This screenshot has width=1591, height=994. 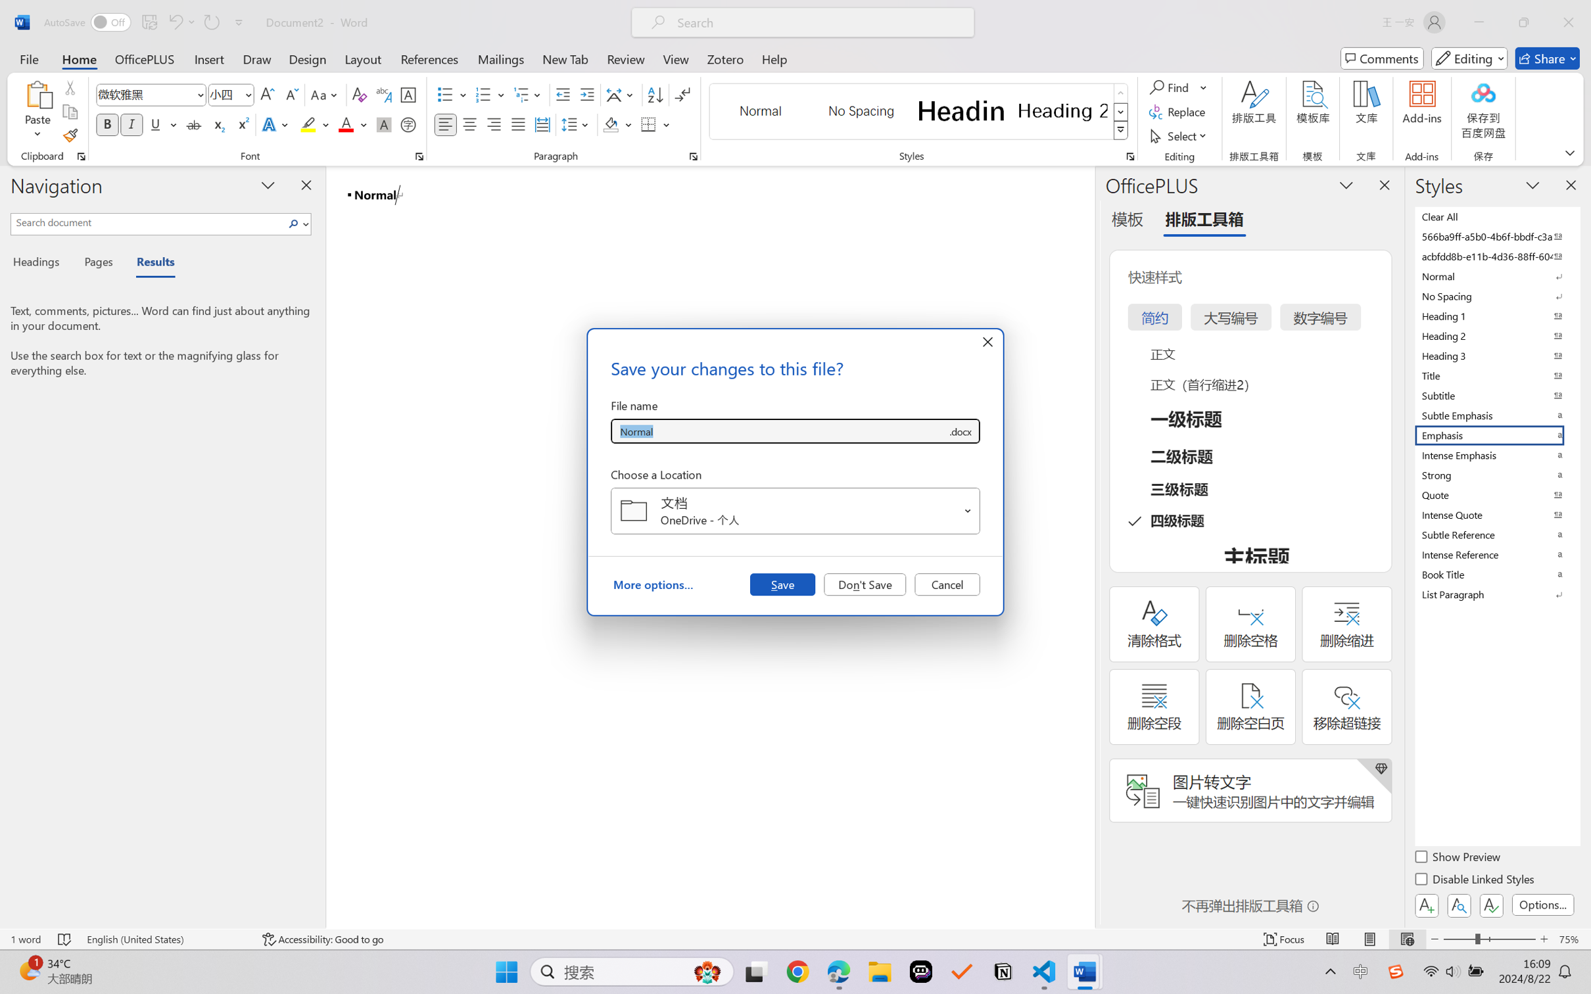 What do you see at coordinates (517, 124) in the screenshot?
I see `'Justify'` at bounding box center [517, 124].